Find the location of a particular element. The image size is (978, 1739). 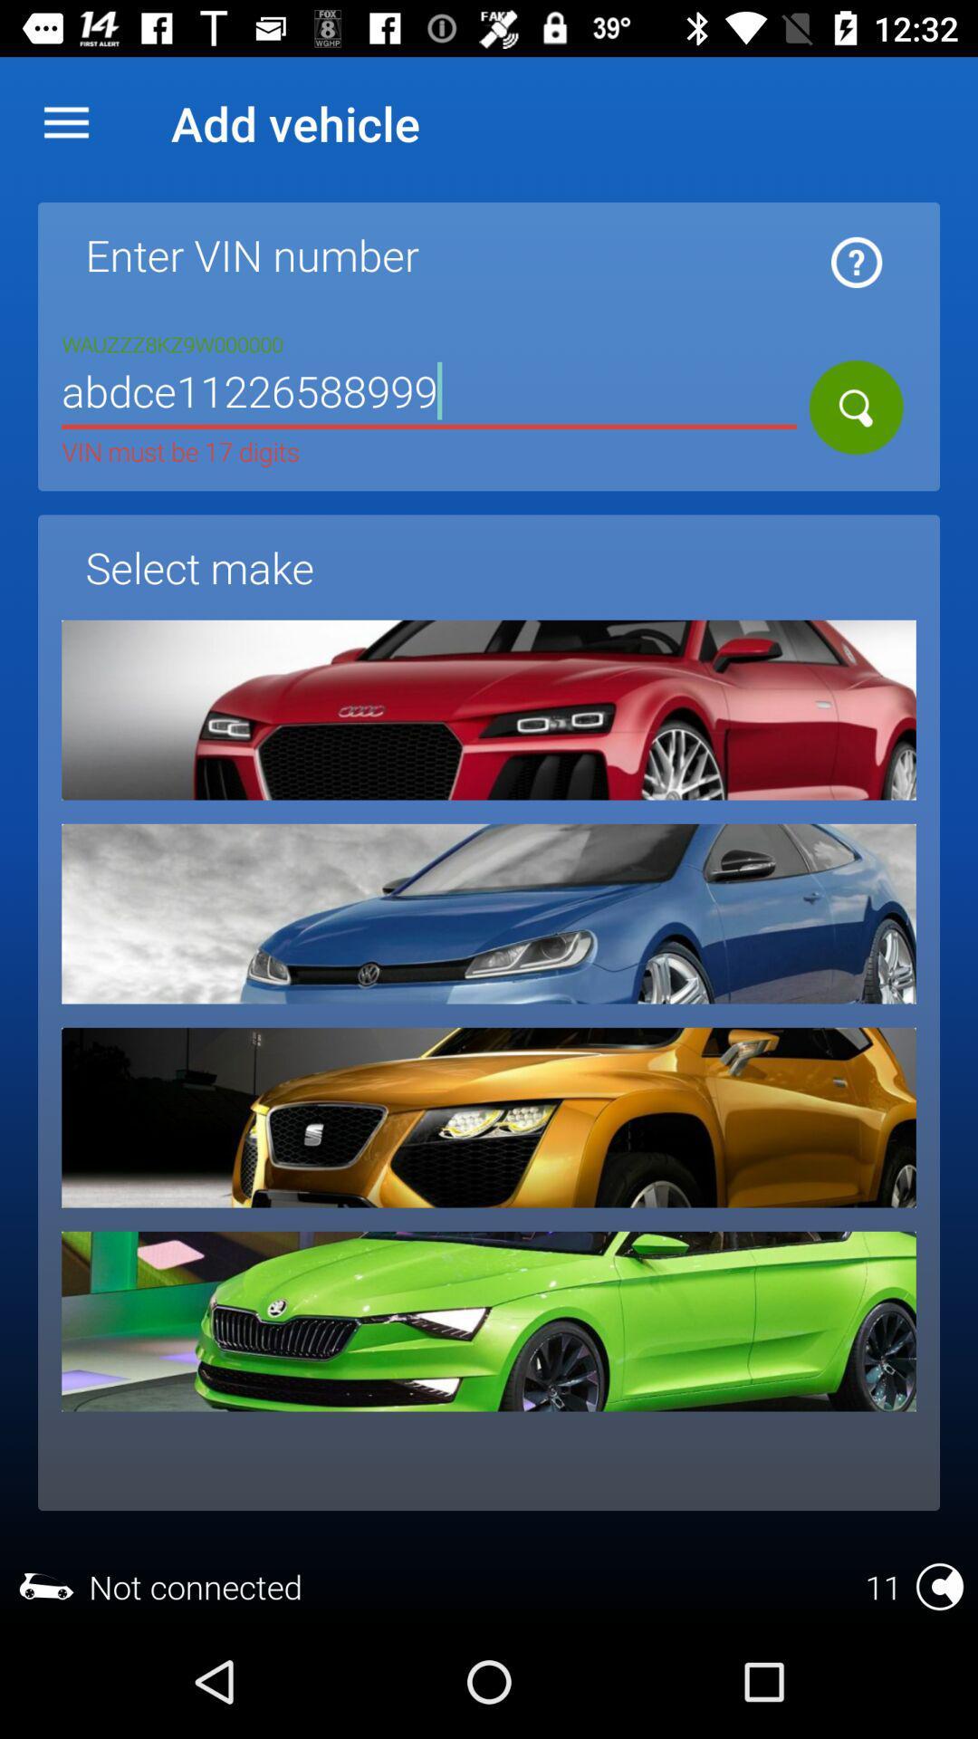

the abdce11226588999 icon is located at coordinates (429, 393).